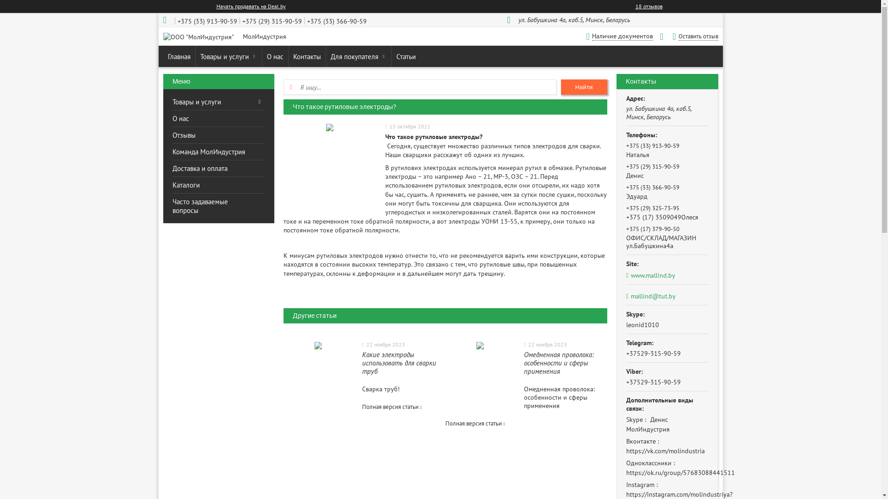  I want to click on 'www.mallind.by', so click(667, 275).